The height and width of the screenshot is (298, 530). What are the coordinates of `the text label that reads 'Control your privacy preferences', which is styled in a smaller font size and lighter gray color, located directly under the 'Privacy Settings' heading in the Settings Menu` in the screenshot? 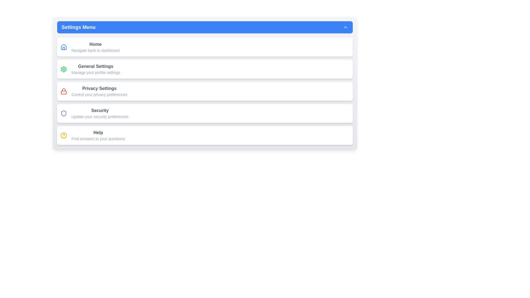 It's located at (99, 94).